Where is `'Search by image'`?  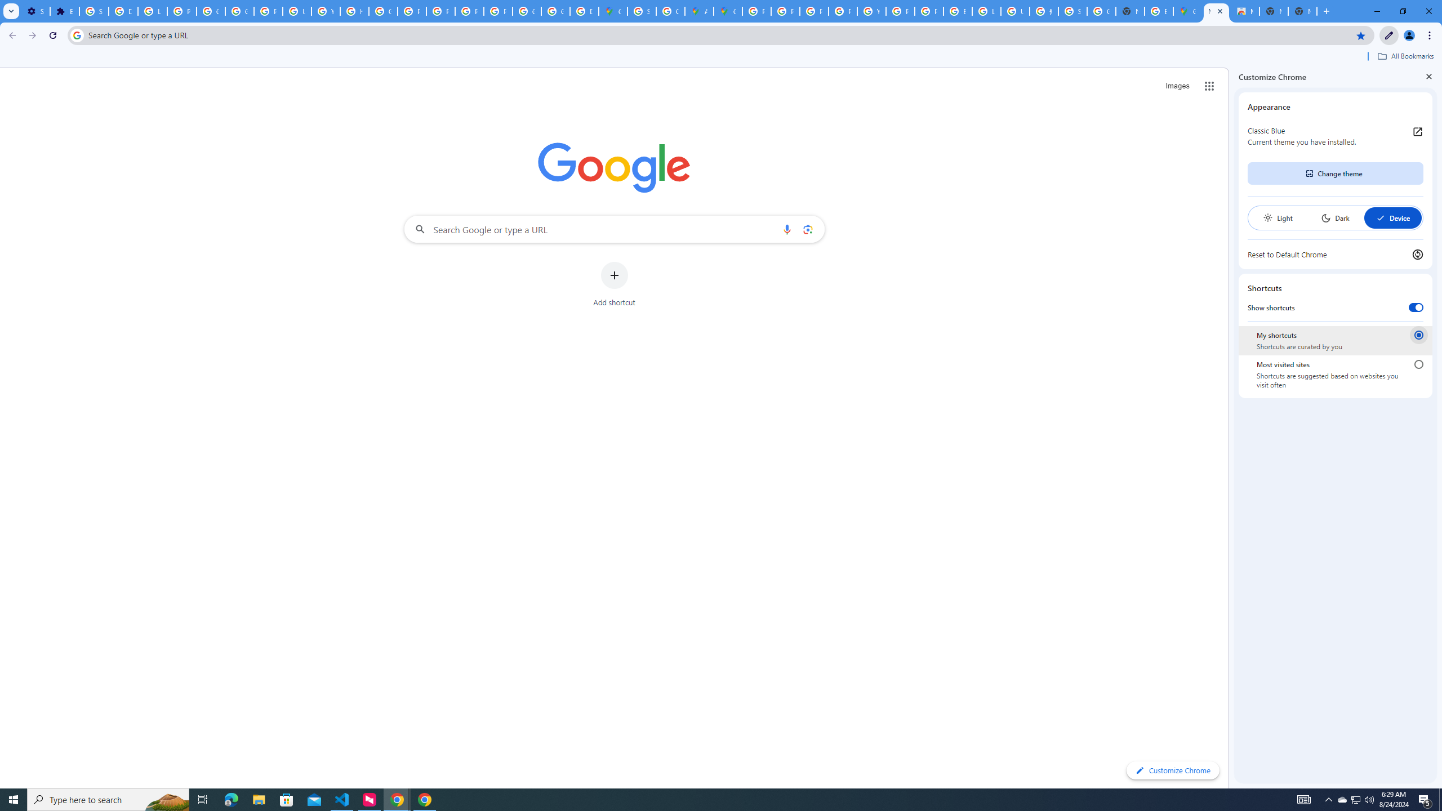 'Search by image' is located at coordinates (808, 228).